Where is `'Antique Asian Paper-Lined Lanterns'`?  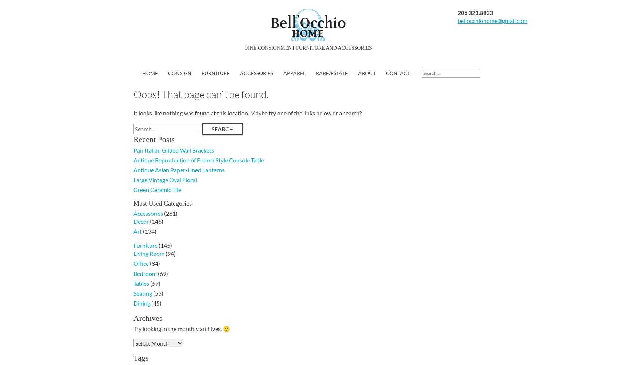 'Antique Asian Paper-Lined Lanterns' is located at coordinates (179, 169).